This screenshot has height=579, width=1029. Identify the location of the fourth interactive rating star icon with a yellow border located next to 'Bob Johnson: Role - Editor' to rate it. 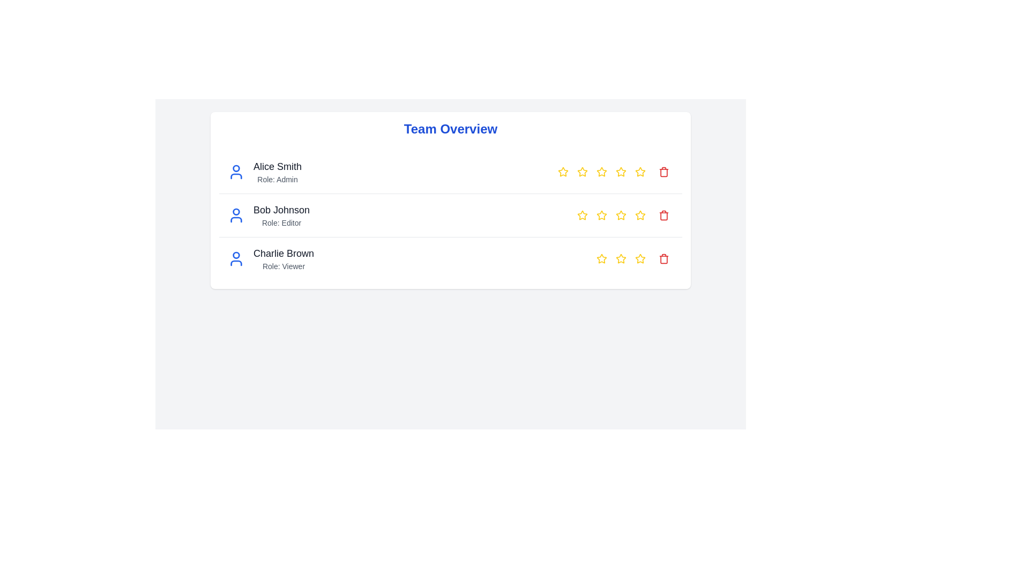
(620, 215).